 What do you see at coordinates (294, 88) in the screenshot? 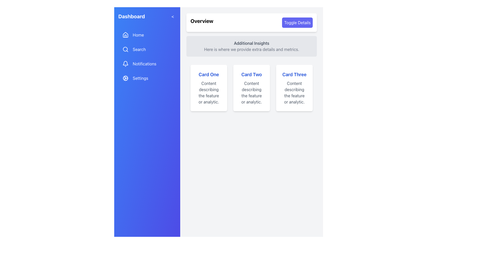
I see `the Informational Card titled 'Card Three', which features bold blue text at the top and is positioned to the far right in a three-card layout` at bounding box center [294, 88].